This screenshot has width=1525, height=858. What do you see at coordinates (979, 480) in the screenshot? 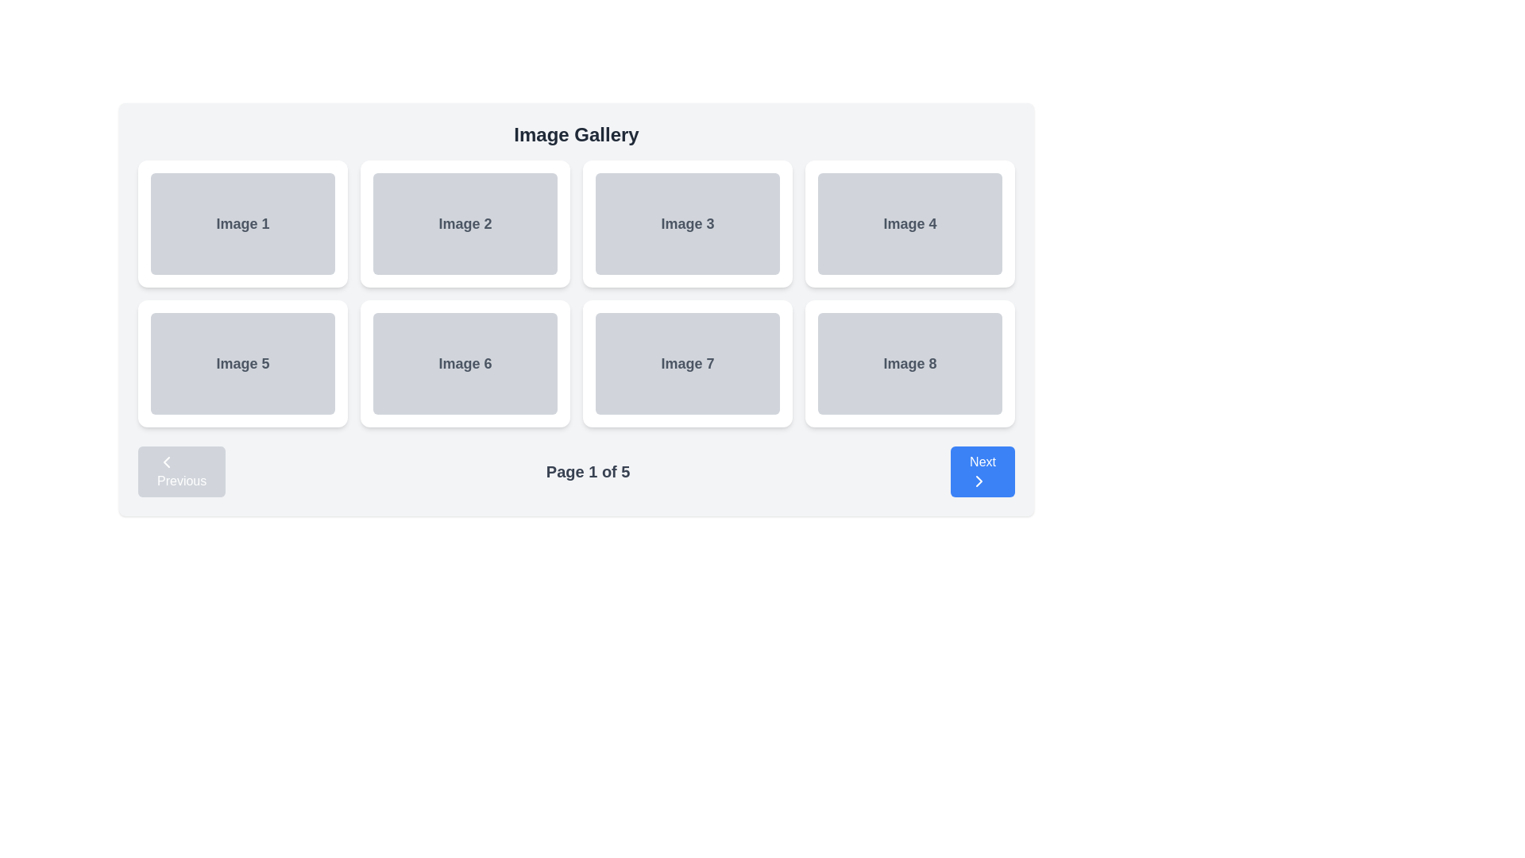
I see `the right-pointing chevron arrow SVG icon located at the bottom-right corner of the 'Next' button to interact with it` at bounding box center [979, 480].